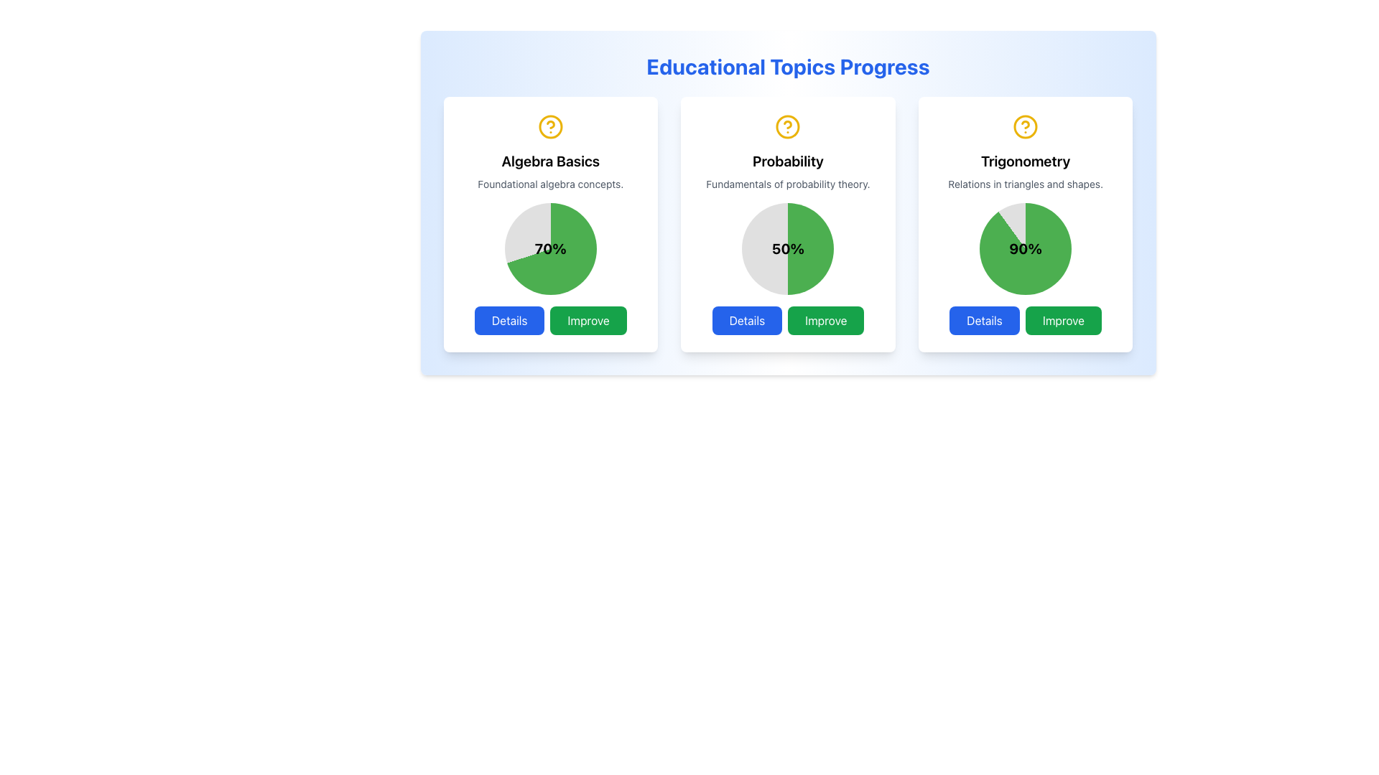 The height and width of the screenshot is (775, 1379). I want to click on the circular shape of the question-mark styled help icon located at the top portion of the first card in a row of three cards, so click(549, 126).